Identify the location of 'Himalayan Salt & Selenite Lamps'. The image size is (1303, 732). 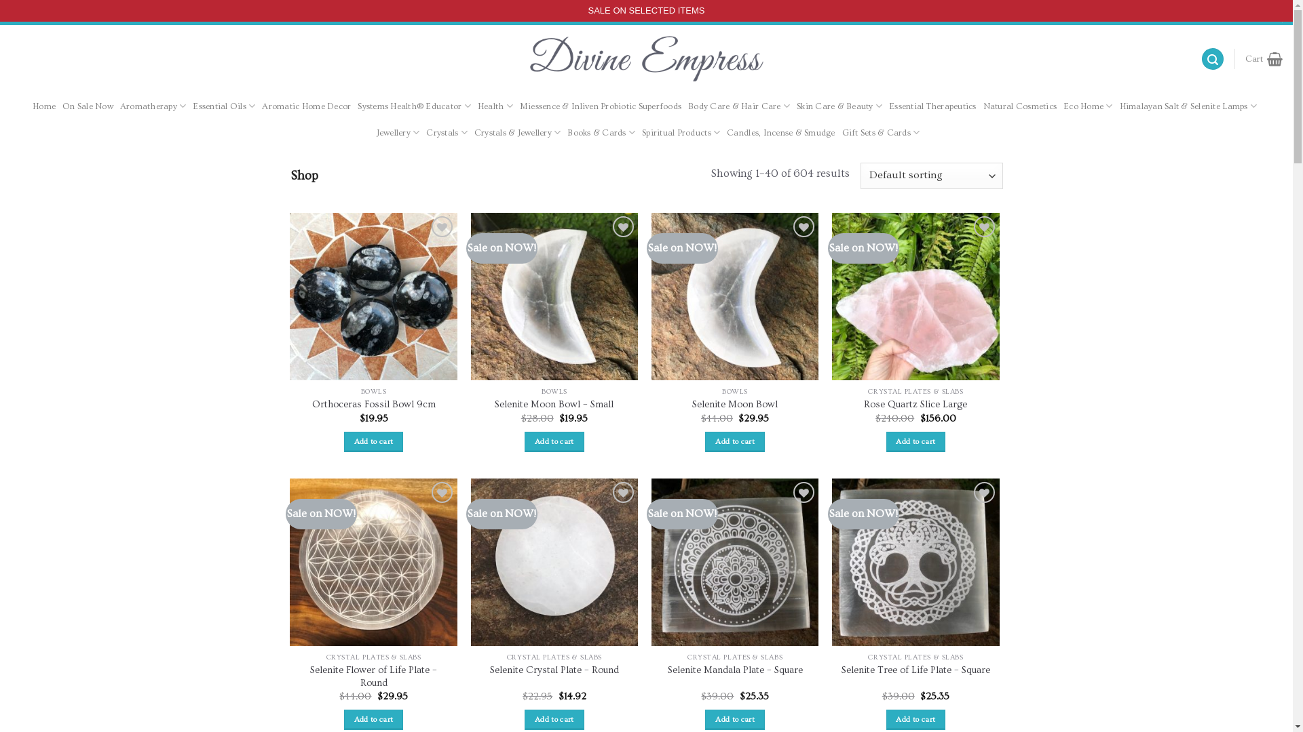
(1188, 105).